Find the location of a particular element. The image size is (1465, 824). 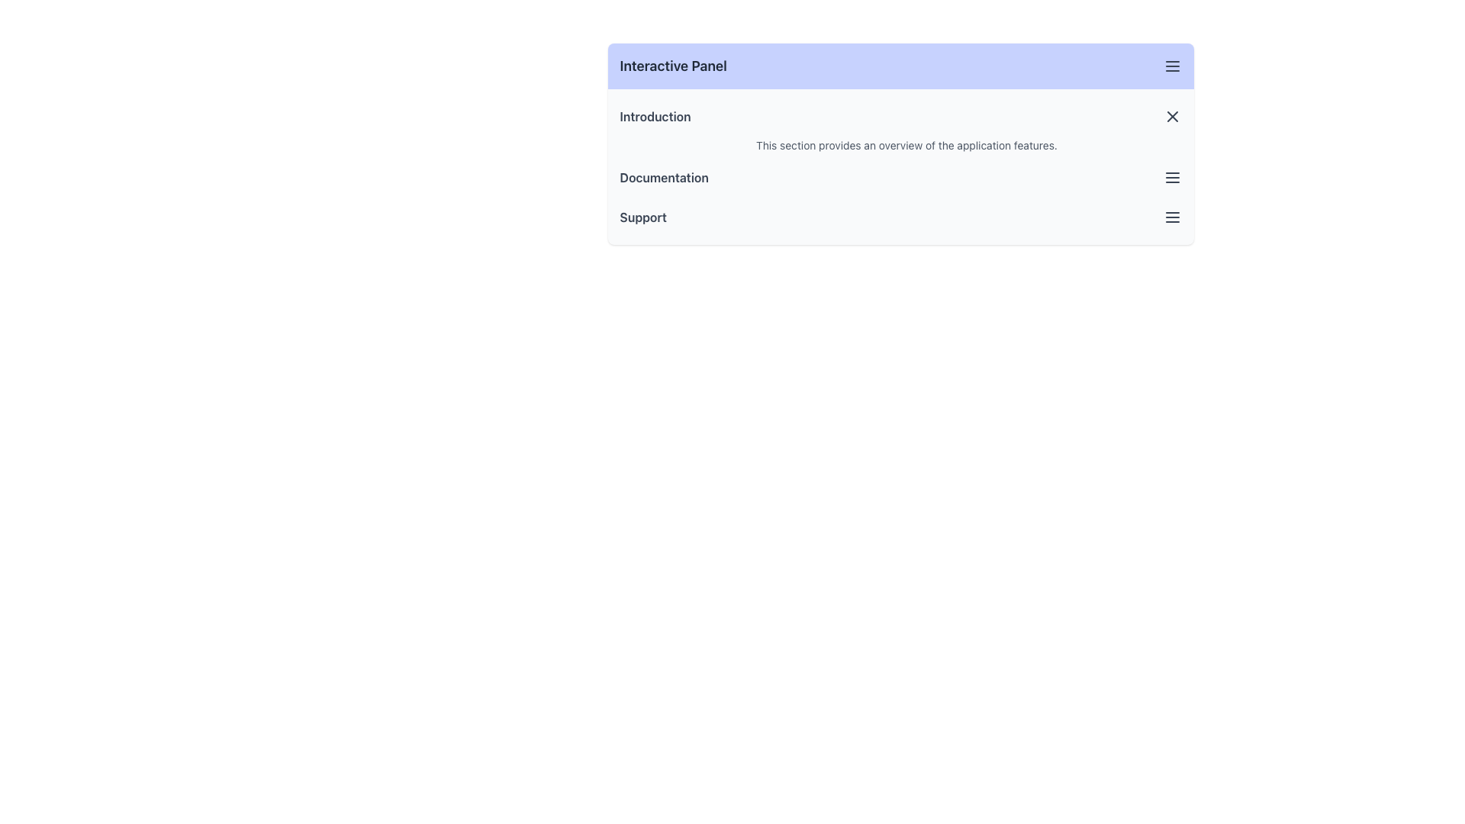

the Menu icon located to the far-right of the 'Documentation' label is located at coordinates (1171, 176).